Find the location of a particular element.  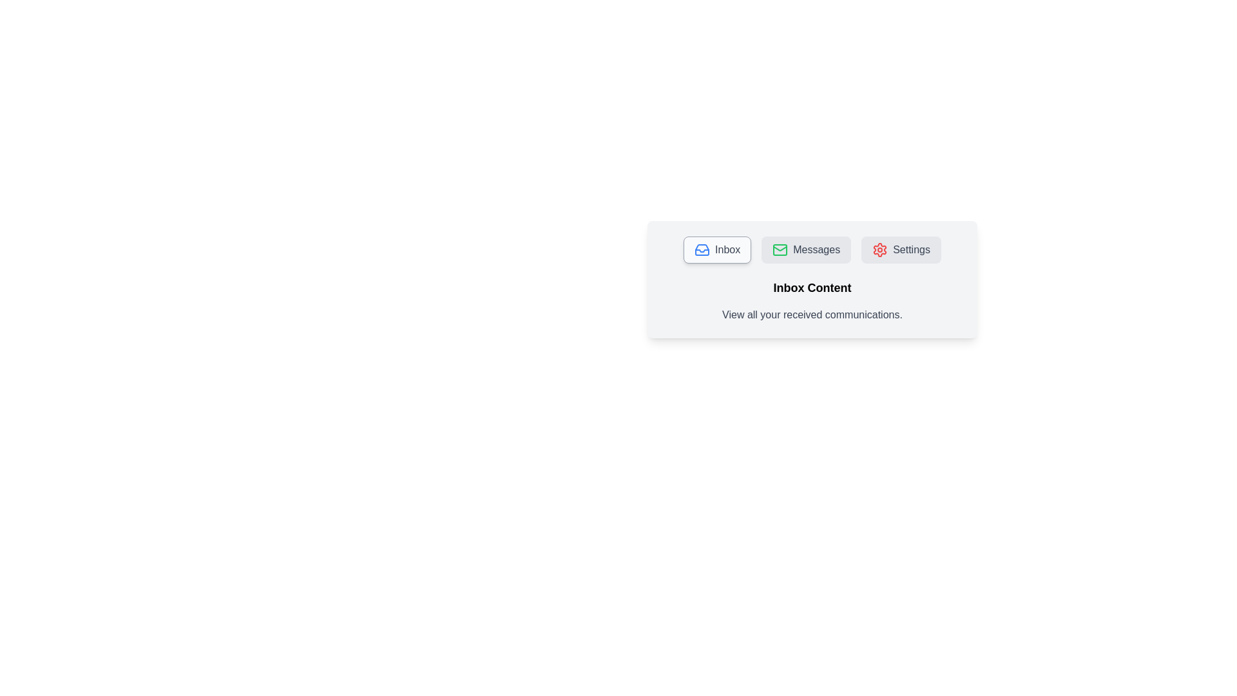

the Inbox icon to activate its corresponding tab is located at coordinates (701, 250).